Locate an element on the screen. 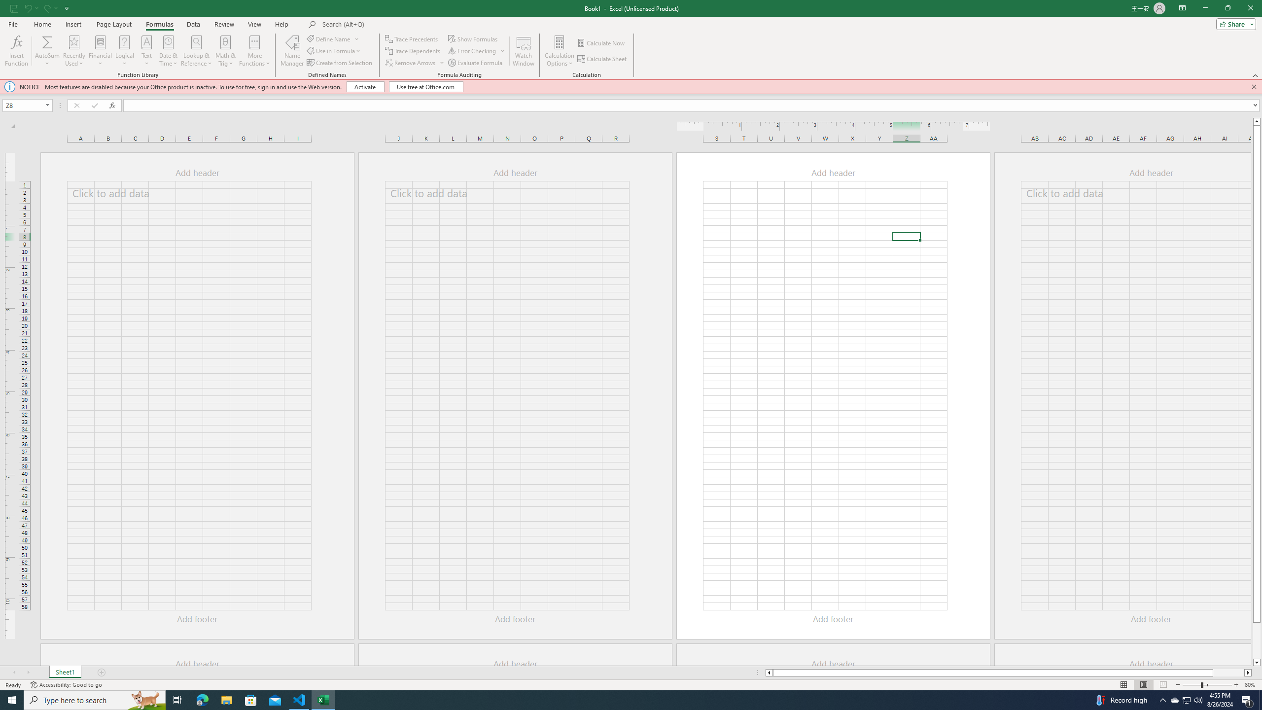 Image resolution: width=1262 pixels, height=710 pixels. 'Define Name...' is located at coordinates (329, 38).